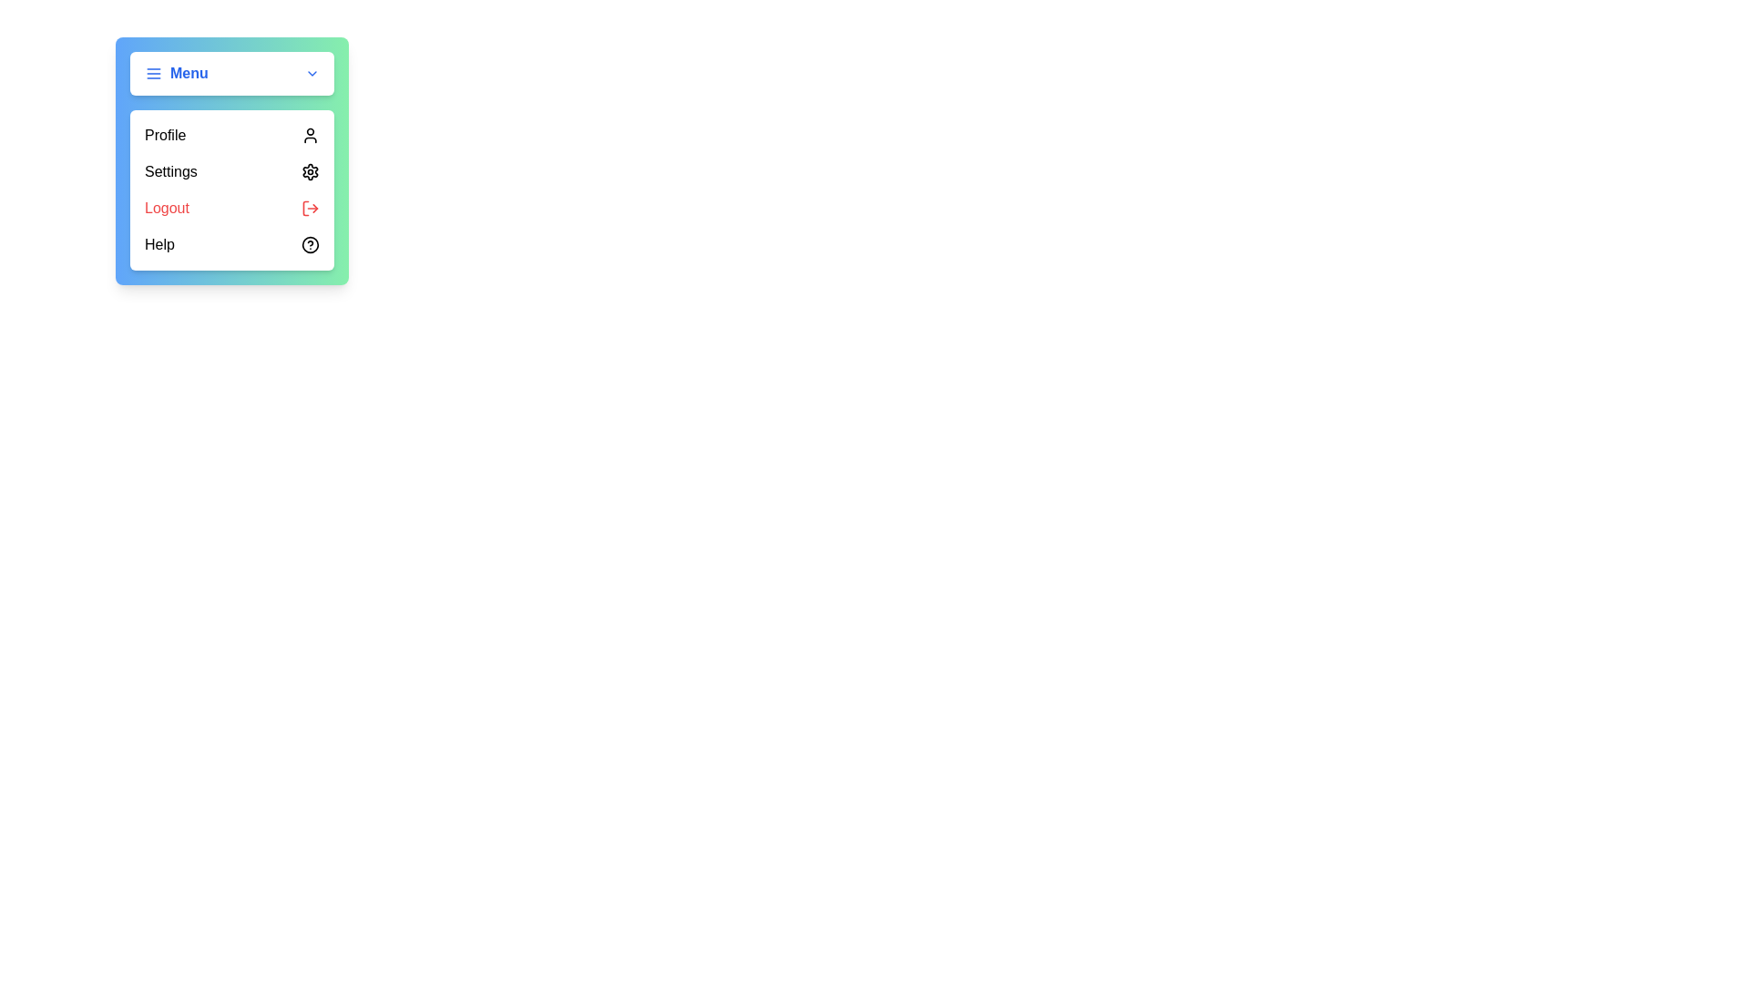 The height and width of the screenshot is (984, 1749). I want to click on the 'Help' menu option, so click(230, 244).